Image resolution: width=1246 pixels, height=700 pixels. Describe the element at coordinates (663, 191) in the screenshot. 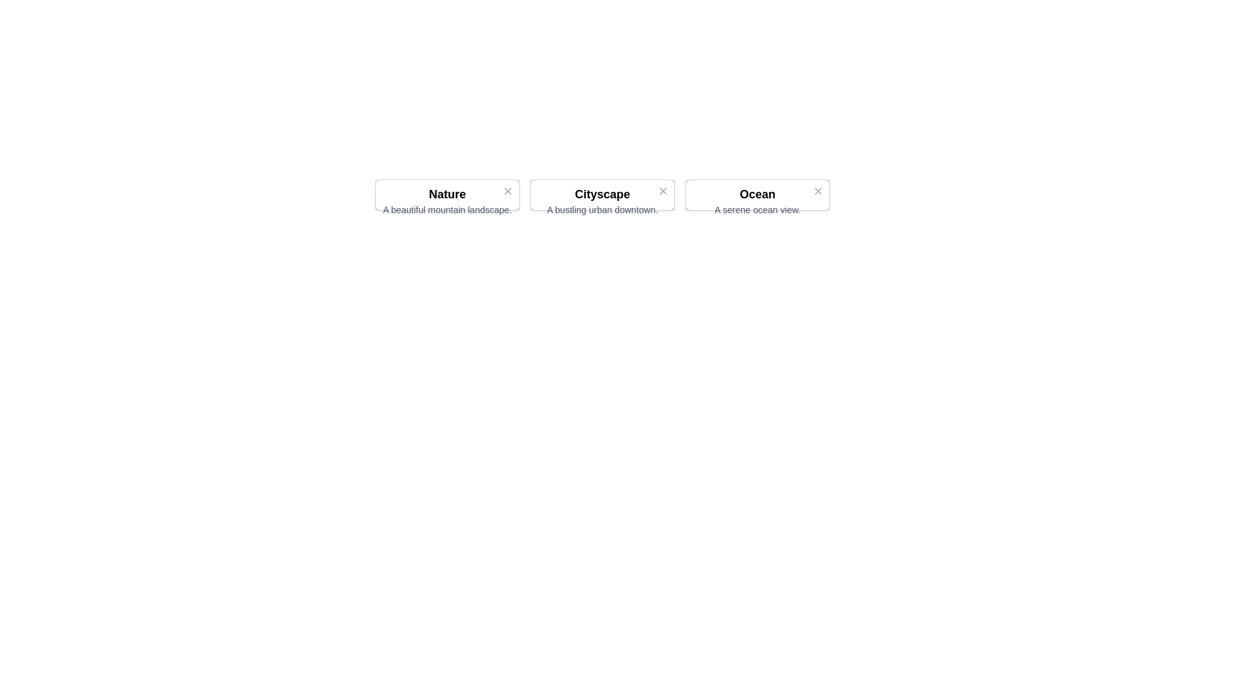

I see `the close button with '×' icon located in the upper right corner of the 'Cityscape' label to trigger the hover effect` at that location.